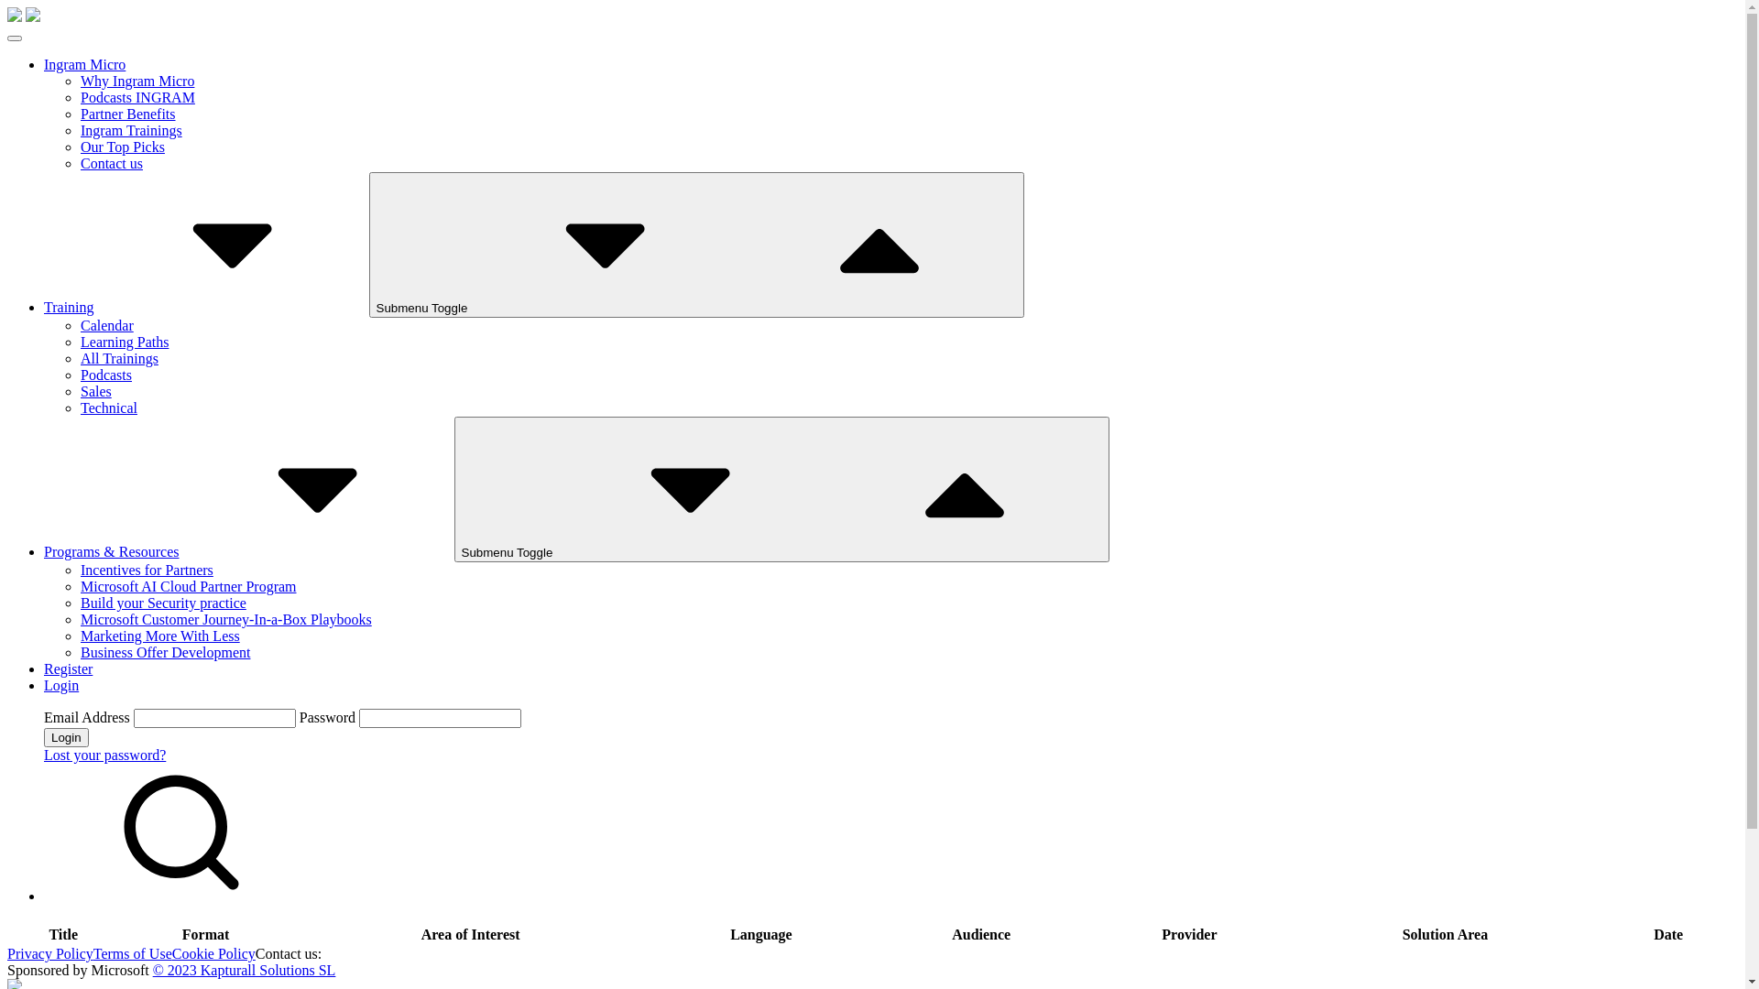 The height and width of the screenshot is (989, 1759). What do you see at coordinates (110, 162) in the screenshot?
I see `'Contact us'` at bounding box center [110, 162].